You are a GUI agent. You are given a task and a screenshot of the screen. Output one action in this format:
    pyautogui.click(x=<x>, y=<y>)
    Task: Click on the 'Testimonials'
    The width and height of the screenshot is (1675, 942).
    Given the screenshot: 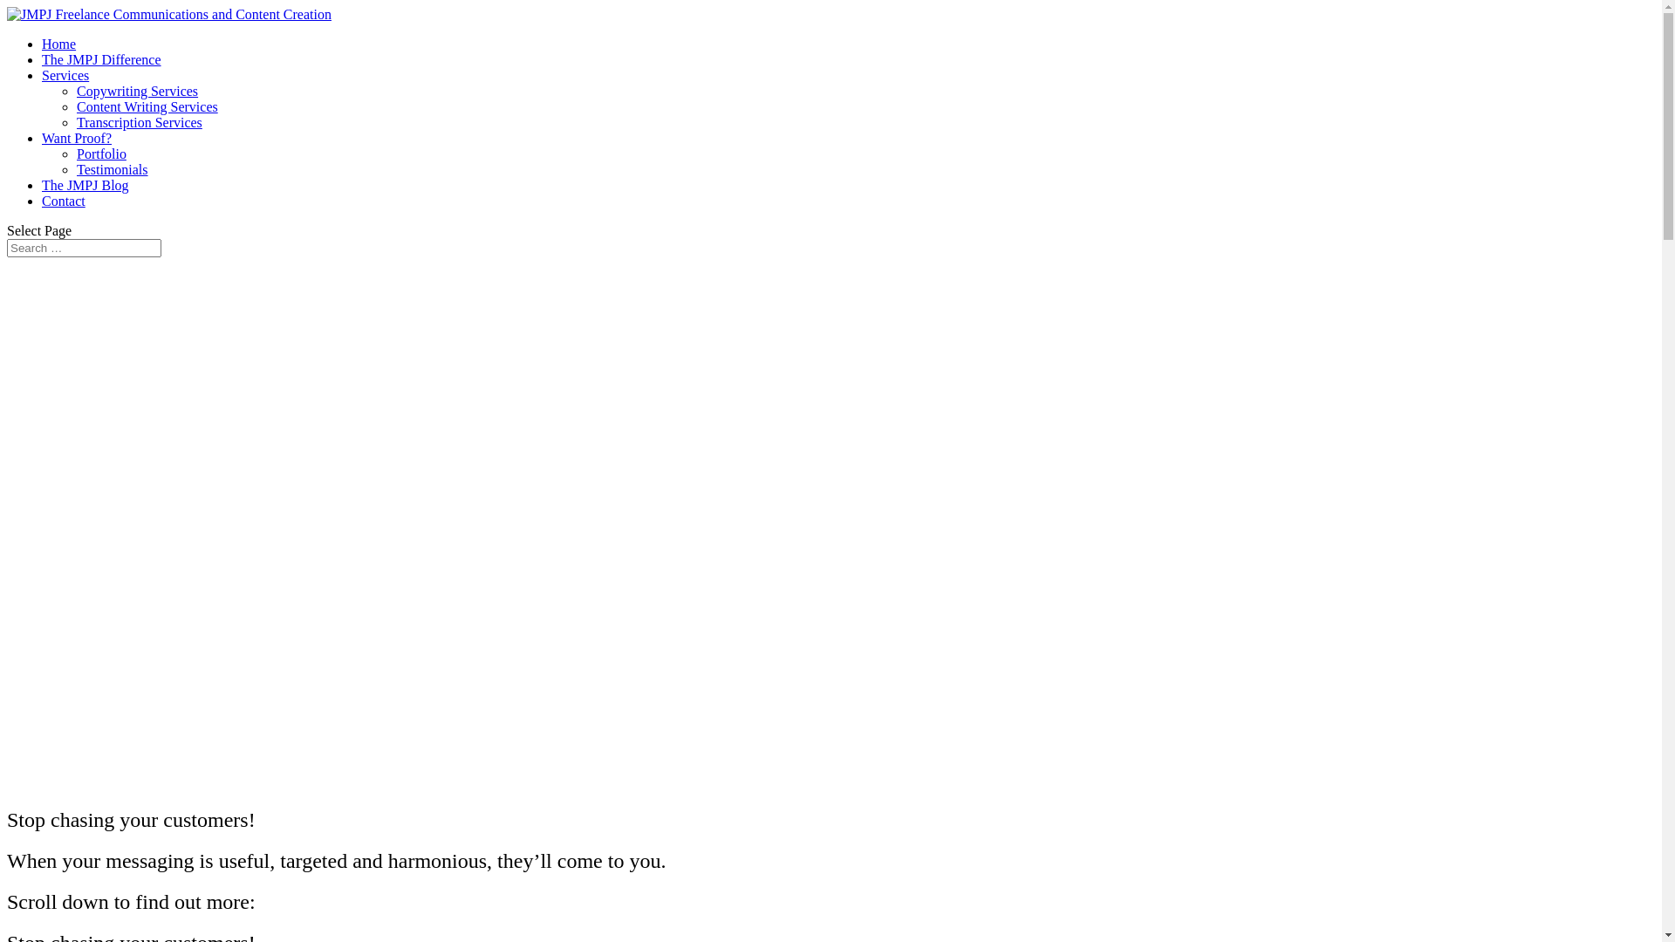 What is the action you would take?
    pyautogui.click(x=112, y=169)
    